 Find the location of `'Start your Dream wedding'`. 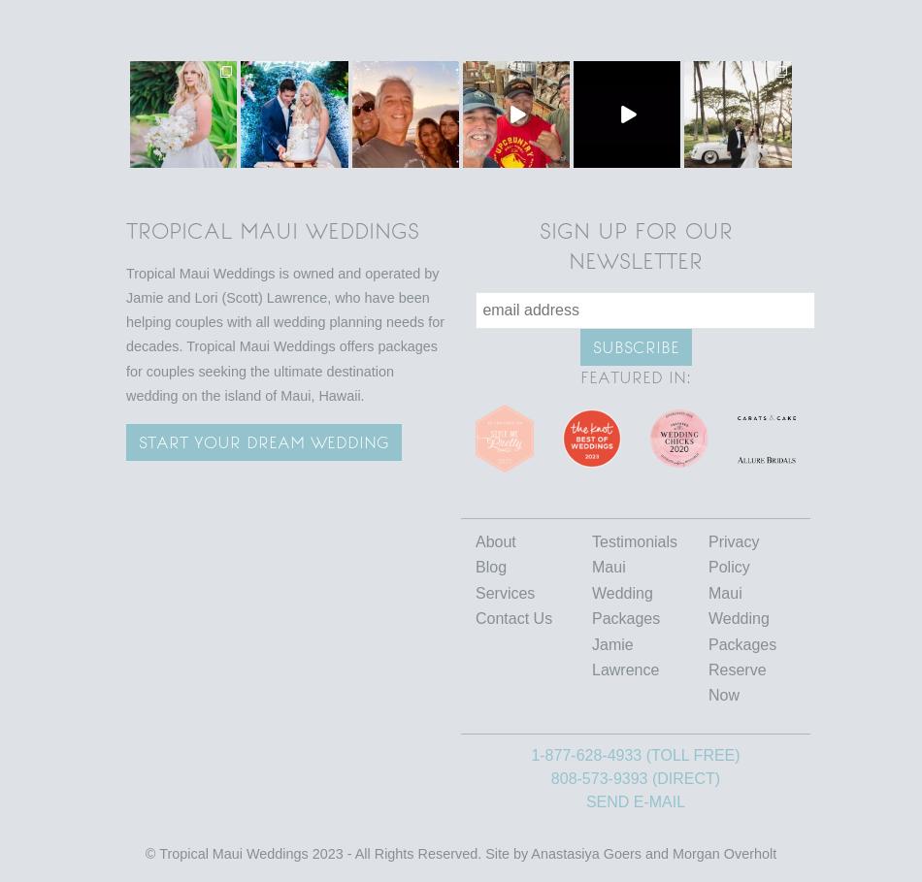

'Start your Dream wedding' is located at coordinates (262, 441).